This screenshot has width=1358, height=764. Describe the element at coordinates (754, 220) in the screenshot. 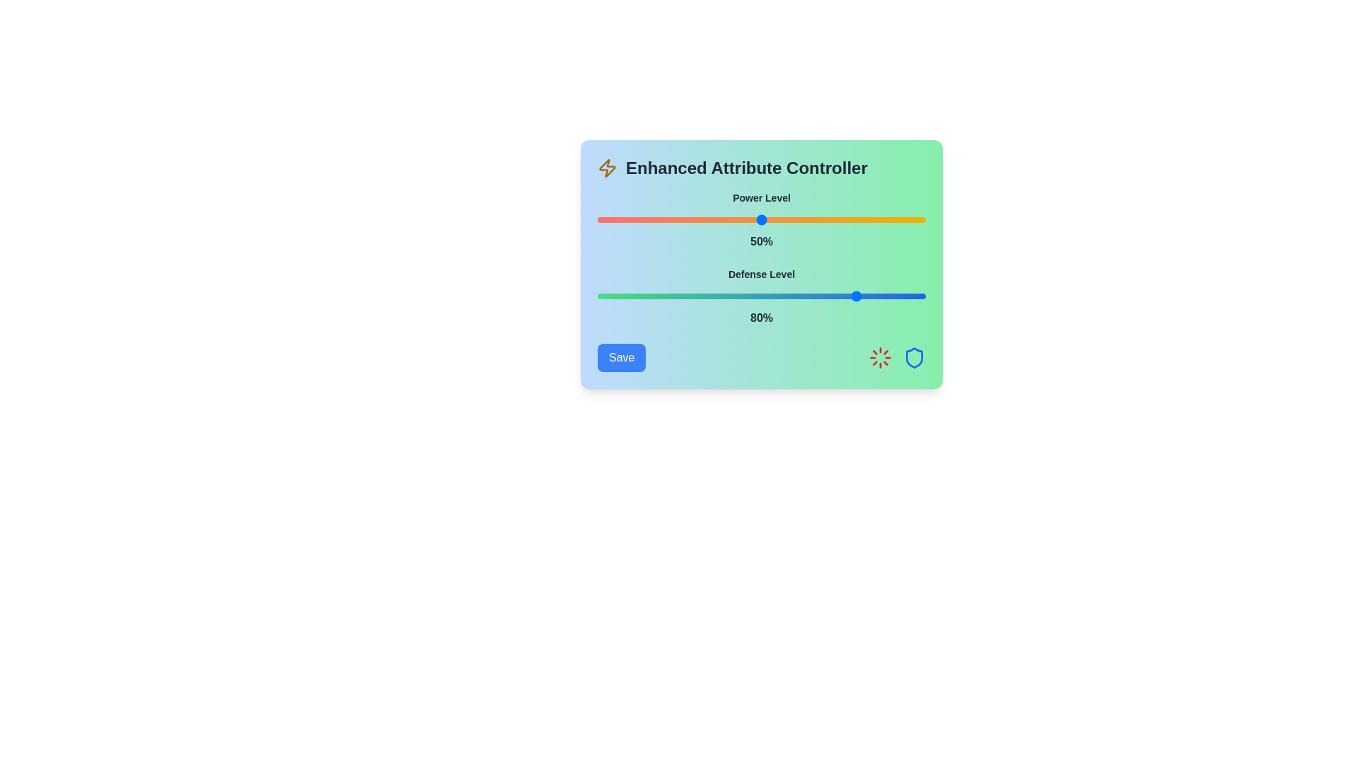

I see `the Power Level slider to 48%` at that location.